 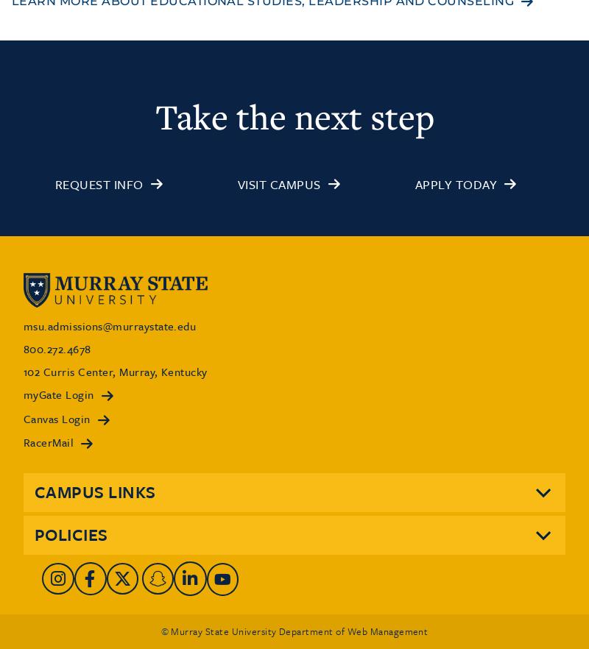 I want to click on 'Request Info', so click(x=99, y=183).